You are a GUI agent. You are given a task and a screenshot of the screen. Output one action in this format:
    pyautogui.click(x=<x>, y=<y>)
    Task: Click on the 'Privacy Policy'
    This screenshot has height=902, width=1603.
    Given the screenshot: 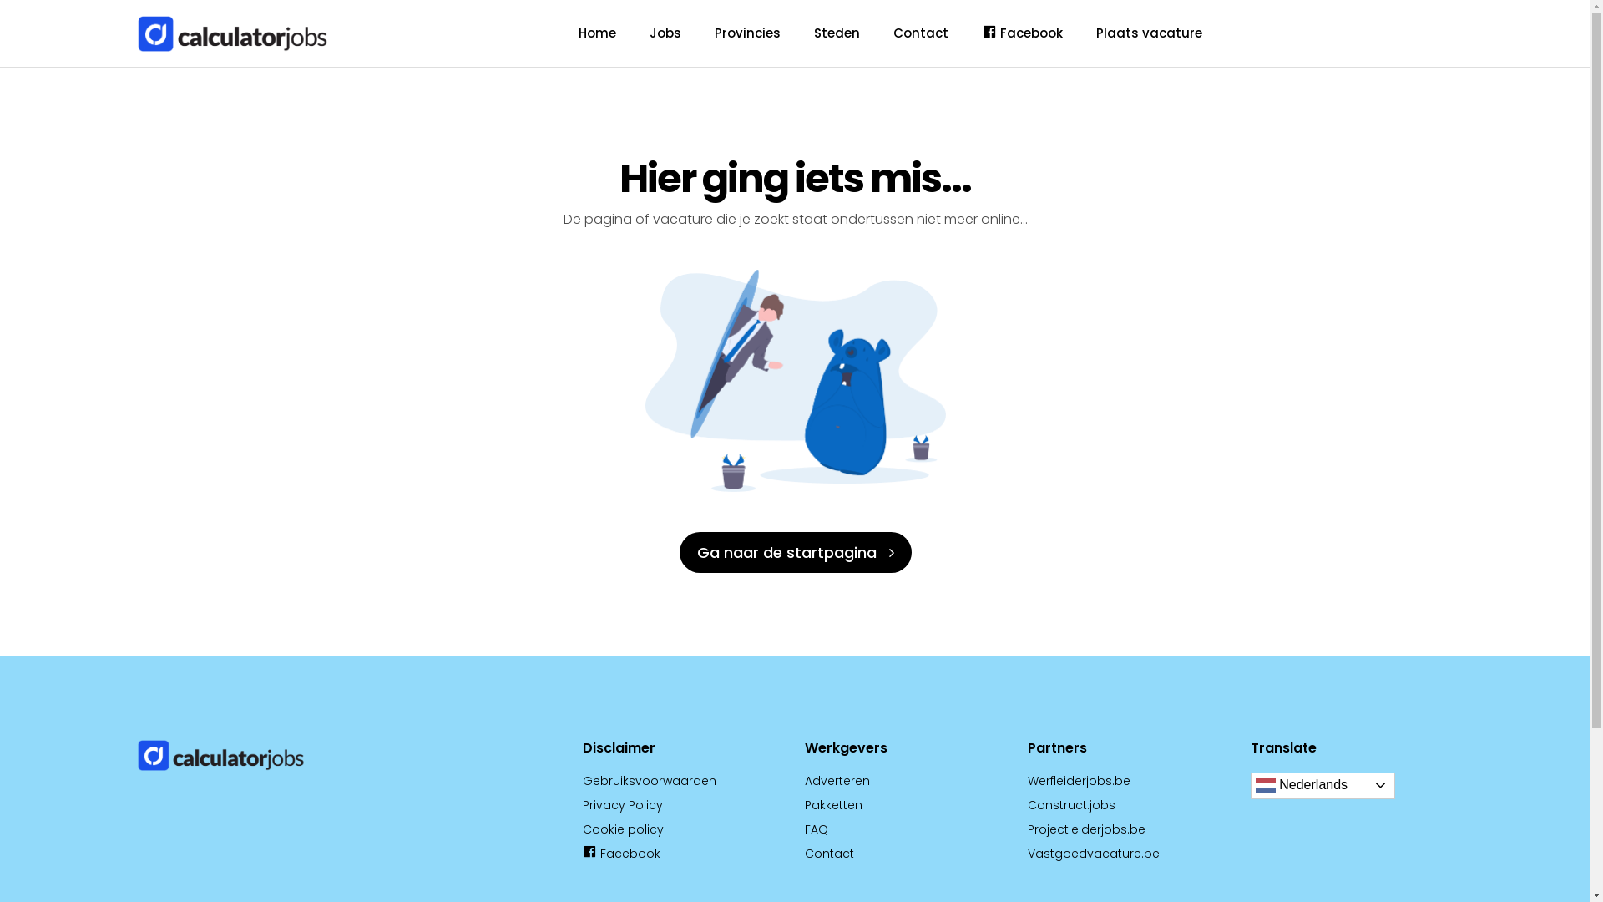 What is the action you would take?
    pyautogui.click(x=621, y=804)
    